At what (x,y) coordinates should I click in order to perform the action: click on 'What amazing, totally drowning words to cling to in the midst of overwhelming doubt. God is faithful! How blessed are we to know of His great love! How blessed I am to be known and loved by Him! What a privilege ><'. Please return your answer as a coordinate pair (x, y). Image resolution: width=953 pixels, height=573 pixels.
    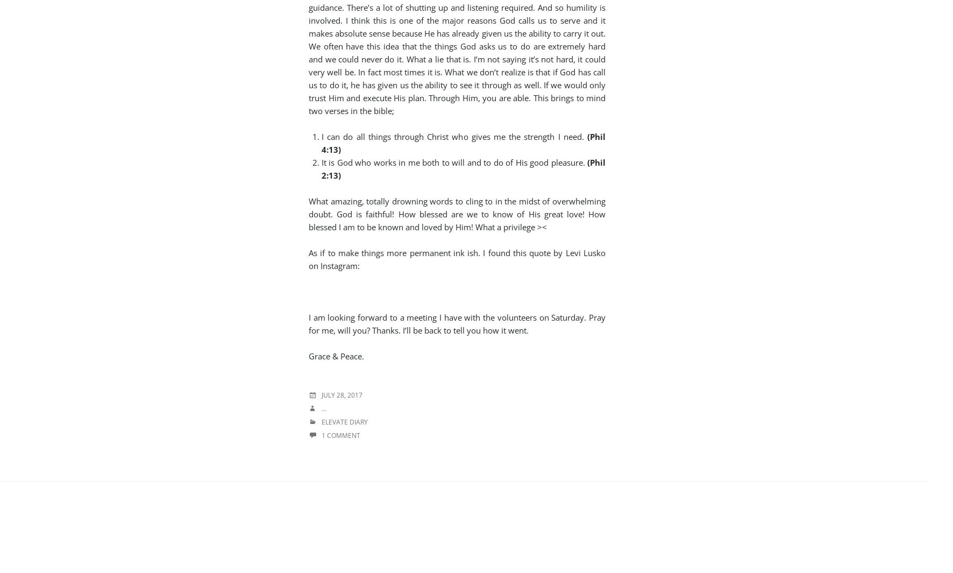
    Looking at the image, I should click on (457, 213).